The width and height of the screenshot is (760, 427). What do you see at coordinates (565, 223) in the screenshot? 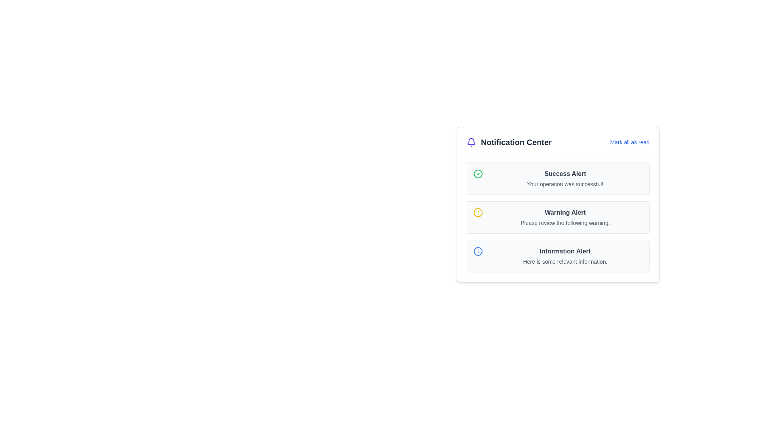
I see `the descriptive text content located beneath the 'Warning Alert' heading in the 'Notification Center' notification card` at bounding box center [565, 223].